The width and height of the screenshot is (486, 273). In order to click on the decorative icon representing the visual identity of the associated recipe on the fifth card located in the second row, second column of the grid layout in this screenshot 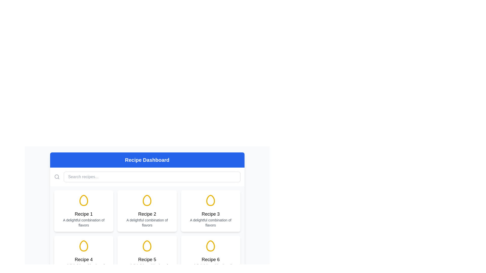, I will do `click(147, 245)`.